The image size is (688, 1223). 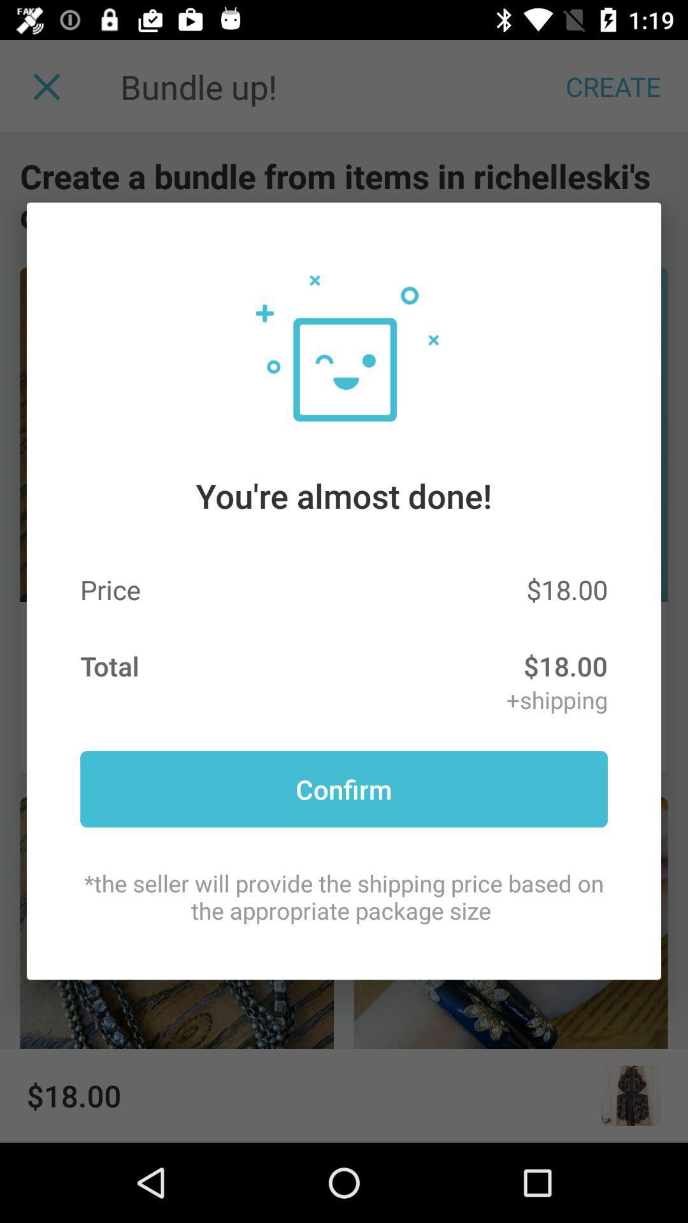 What do you see at coordinates (344, 788) in the screenshot?
I see `the icon above the the seller will icon` at bounding box center [344, 788].